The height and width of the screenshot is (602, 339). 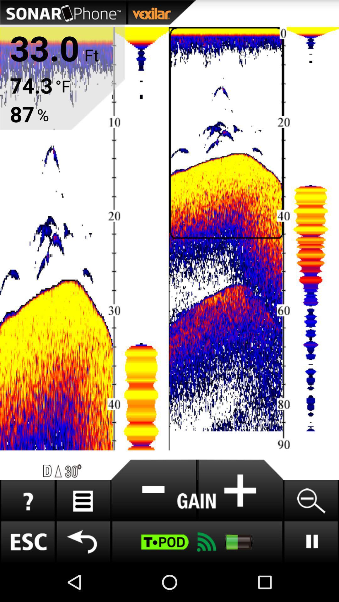 What do you see at coordinates (83, 500) in the screenshot?
I see `menu option` at bounding box center [83, 500].